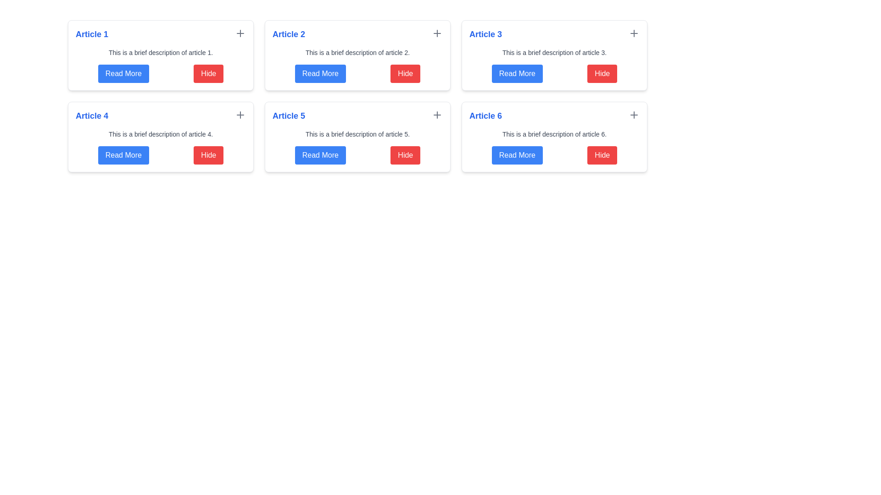  I want to click on text element styled in gray color containing the string 'This is a brief description of article 5.' located inside the card titled 'Article 5', so click(357, 134).